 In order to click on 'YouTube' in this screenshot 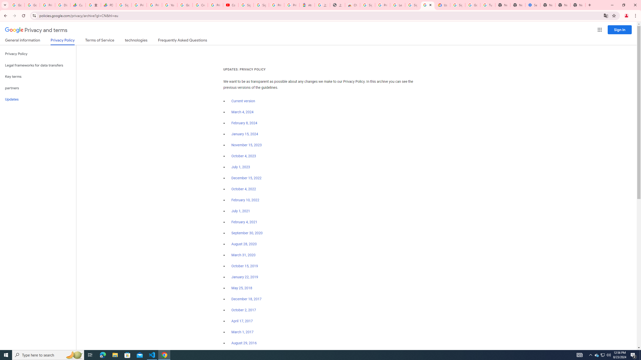, I will do `click(169, 5)`.